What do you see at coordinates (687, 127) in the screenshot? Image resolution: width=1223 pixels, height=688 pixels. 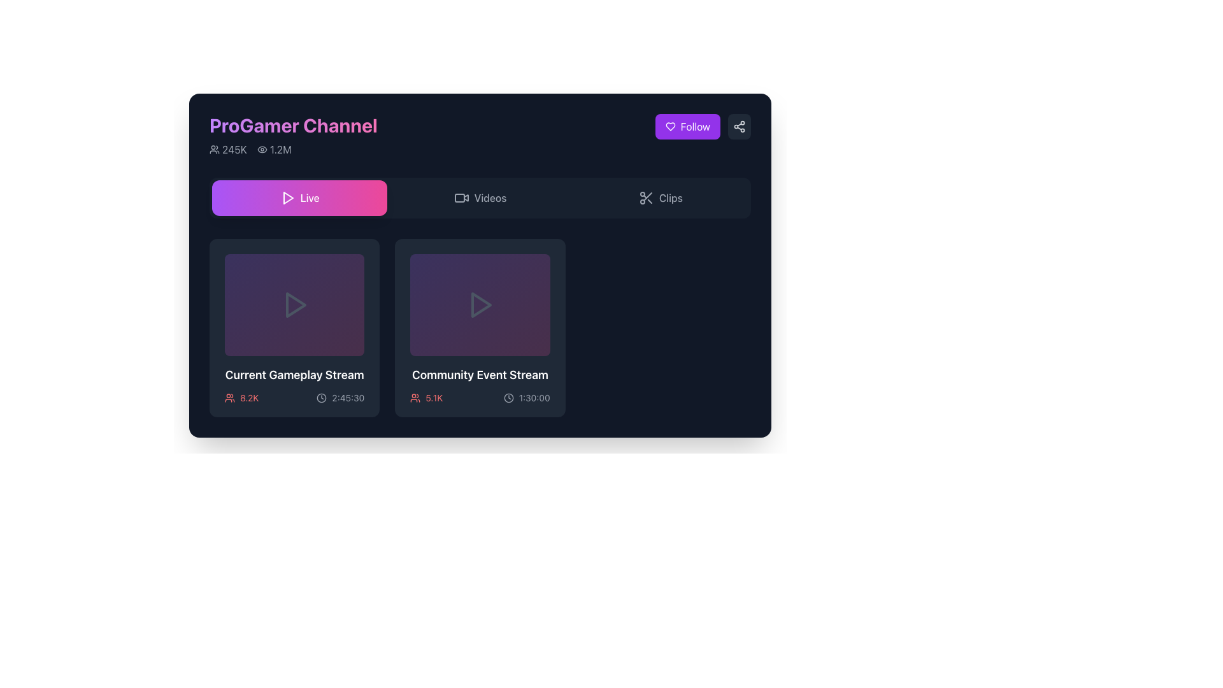 I see `the follow button located in the top-right corner of the interface` at bounding box center [687, 127].